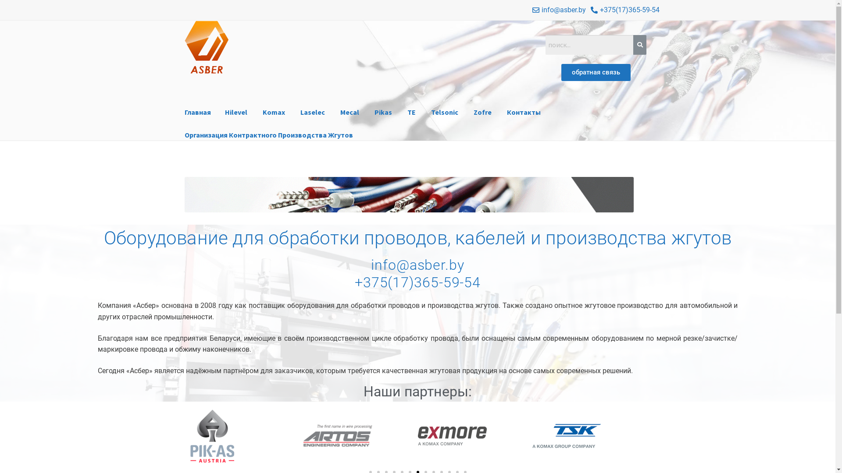  What do you see at coordinates (236, 112) in the screenshot?
I see `'Hilevel'` at bounding box center [236, 112].